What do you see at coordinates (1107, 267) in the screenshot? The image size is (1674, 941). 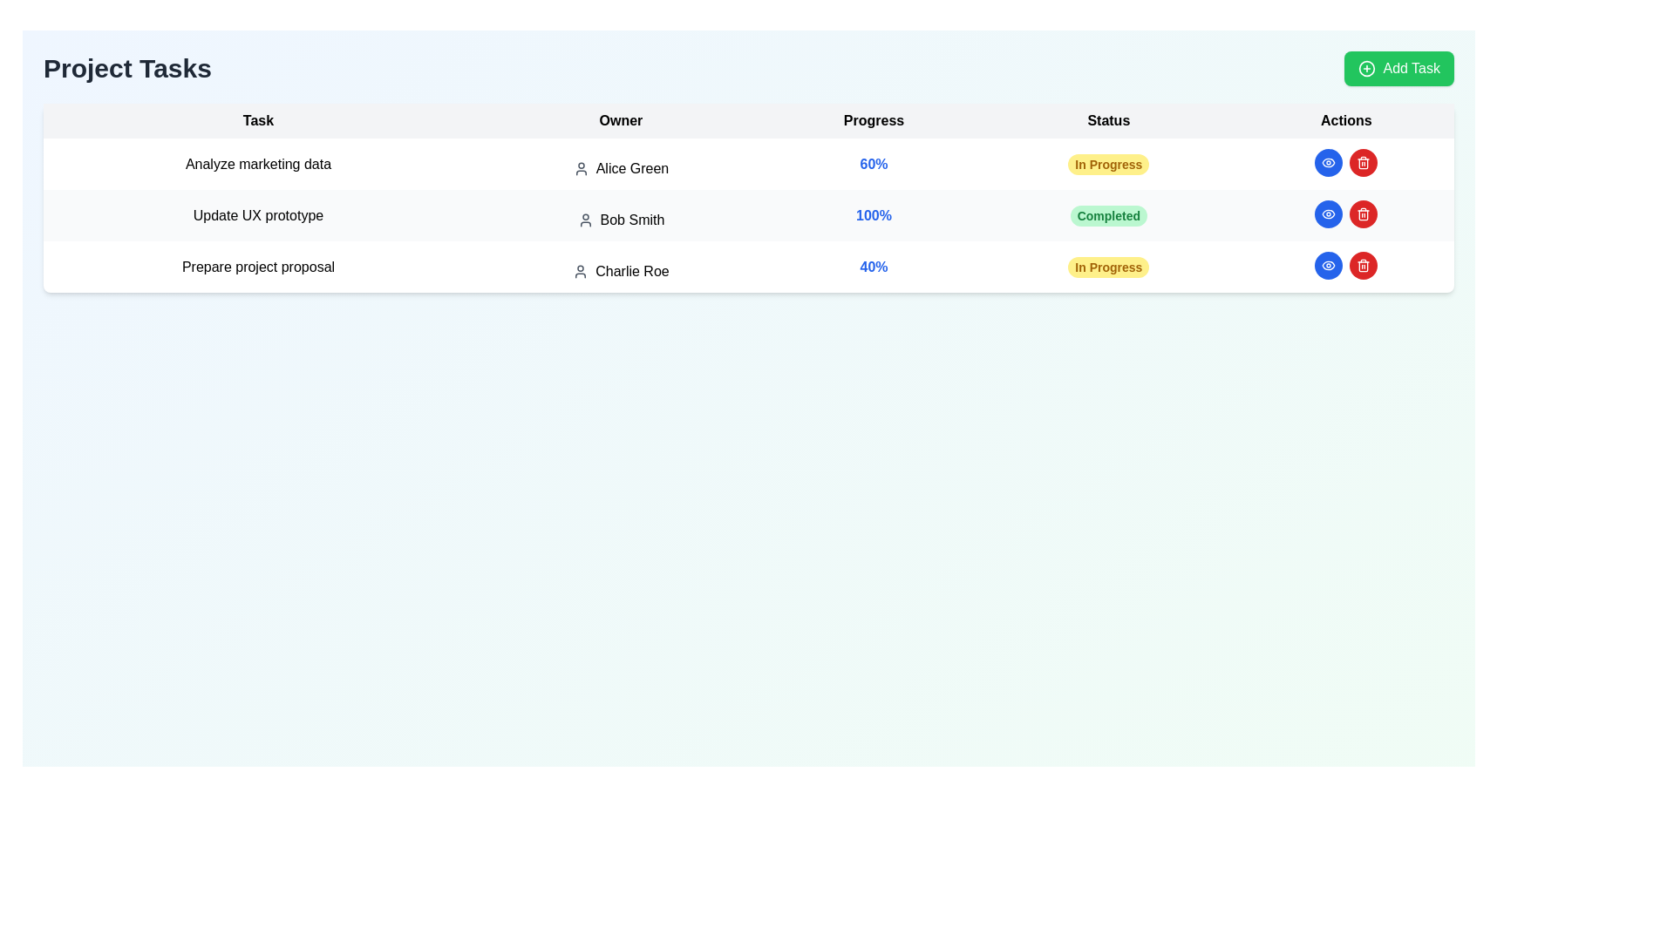 I see `the Status badge displaying the current progress status of the task 'Prepare project proposal' in the 'Status' column of the table` at bounding box center [1107, 267].